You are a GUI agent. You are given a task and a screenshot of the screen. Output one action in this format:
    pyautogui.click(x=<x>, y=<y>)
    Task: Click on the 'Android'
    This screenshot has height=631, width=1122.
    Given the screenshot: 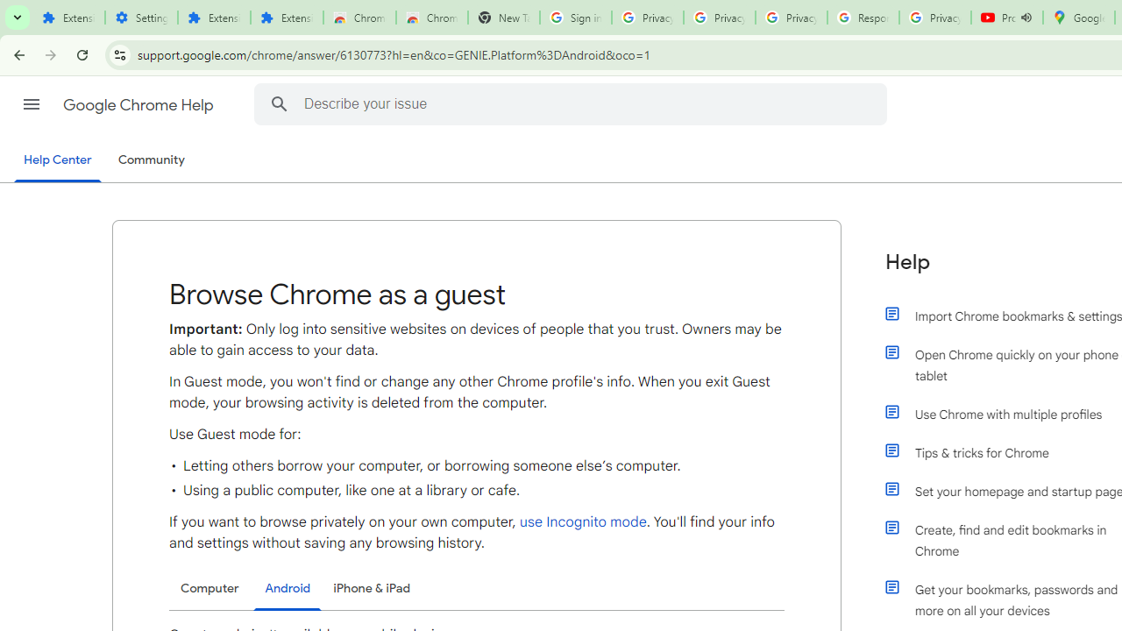 What is the action you would take?
    pyautogui.click(x=288, y=589)
    